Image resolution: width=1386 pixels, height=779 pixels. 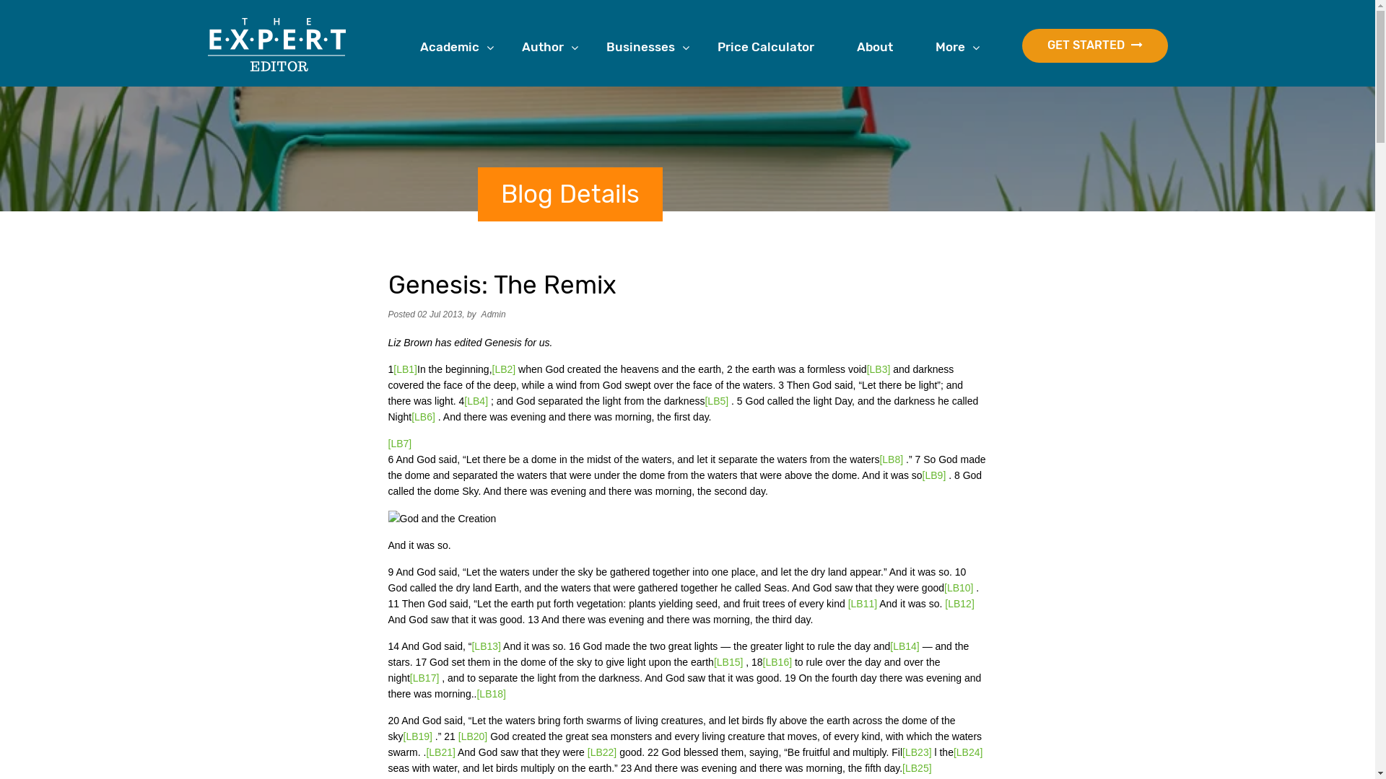 What do you see at coordinates (848, 604) in the screenshot?
I see `'[LB11]'` at bounding box center [848, 604].